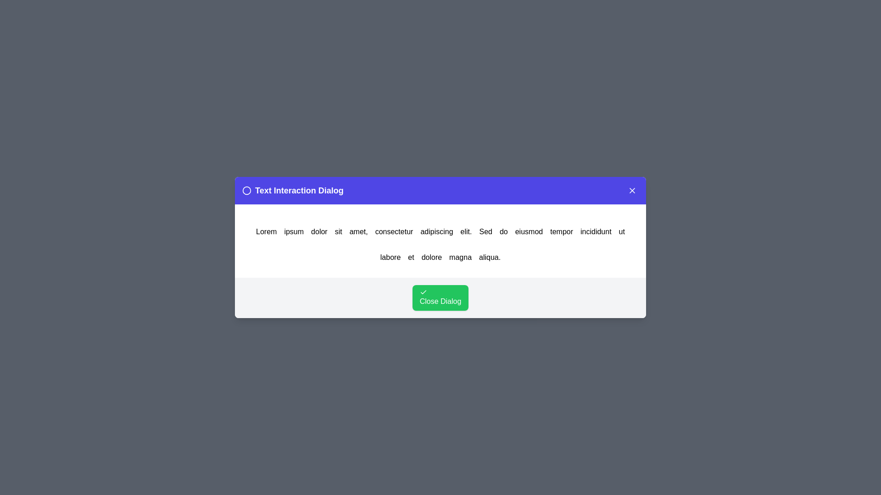 Image resolution: width=881 pixels, height=495 pixels. What do you see at coordinates (631, 190) in the screenshot?
I see `the close button in the top-right corner of the dialog to dismiss it` at bounding box center [631, 190].